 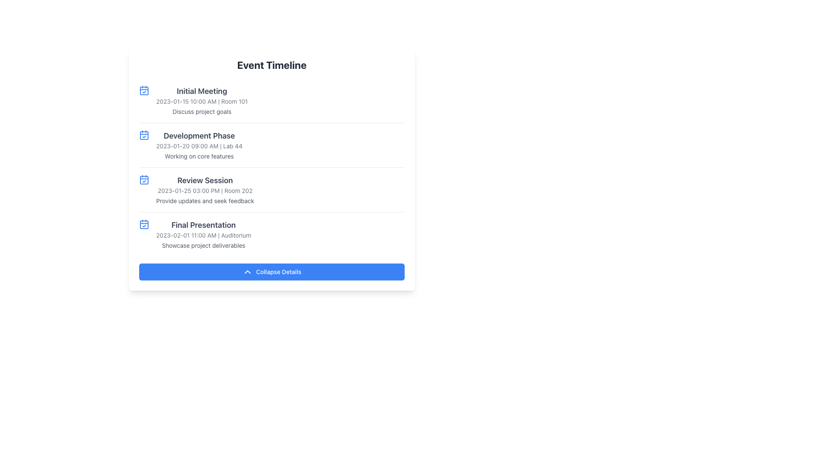 I want to click on the Text Block displaying the event titled 'Initial Meeting', which includes the date, time, location, and a brief description, so click(x=201, y=100).